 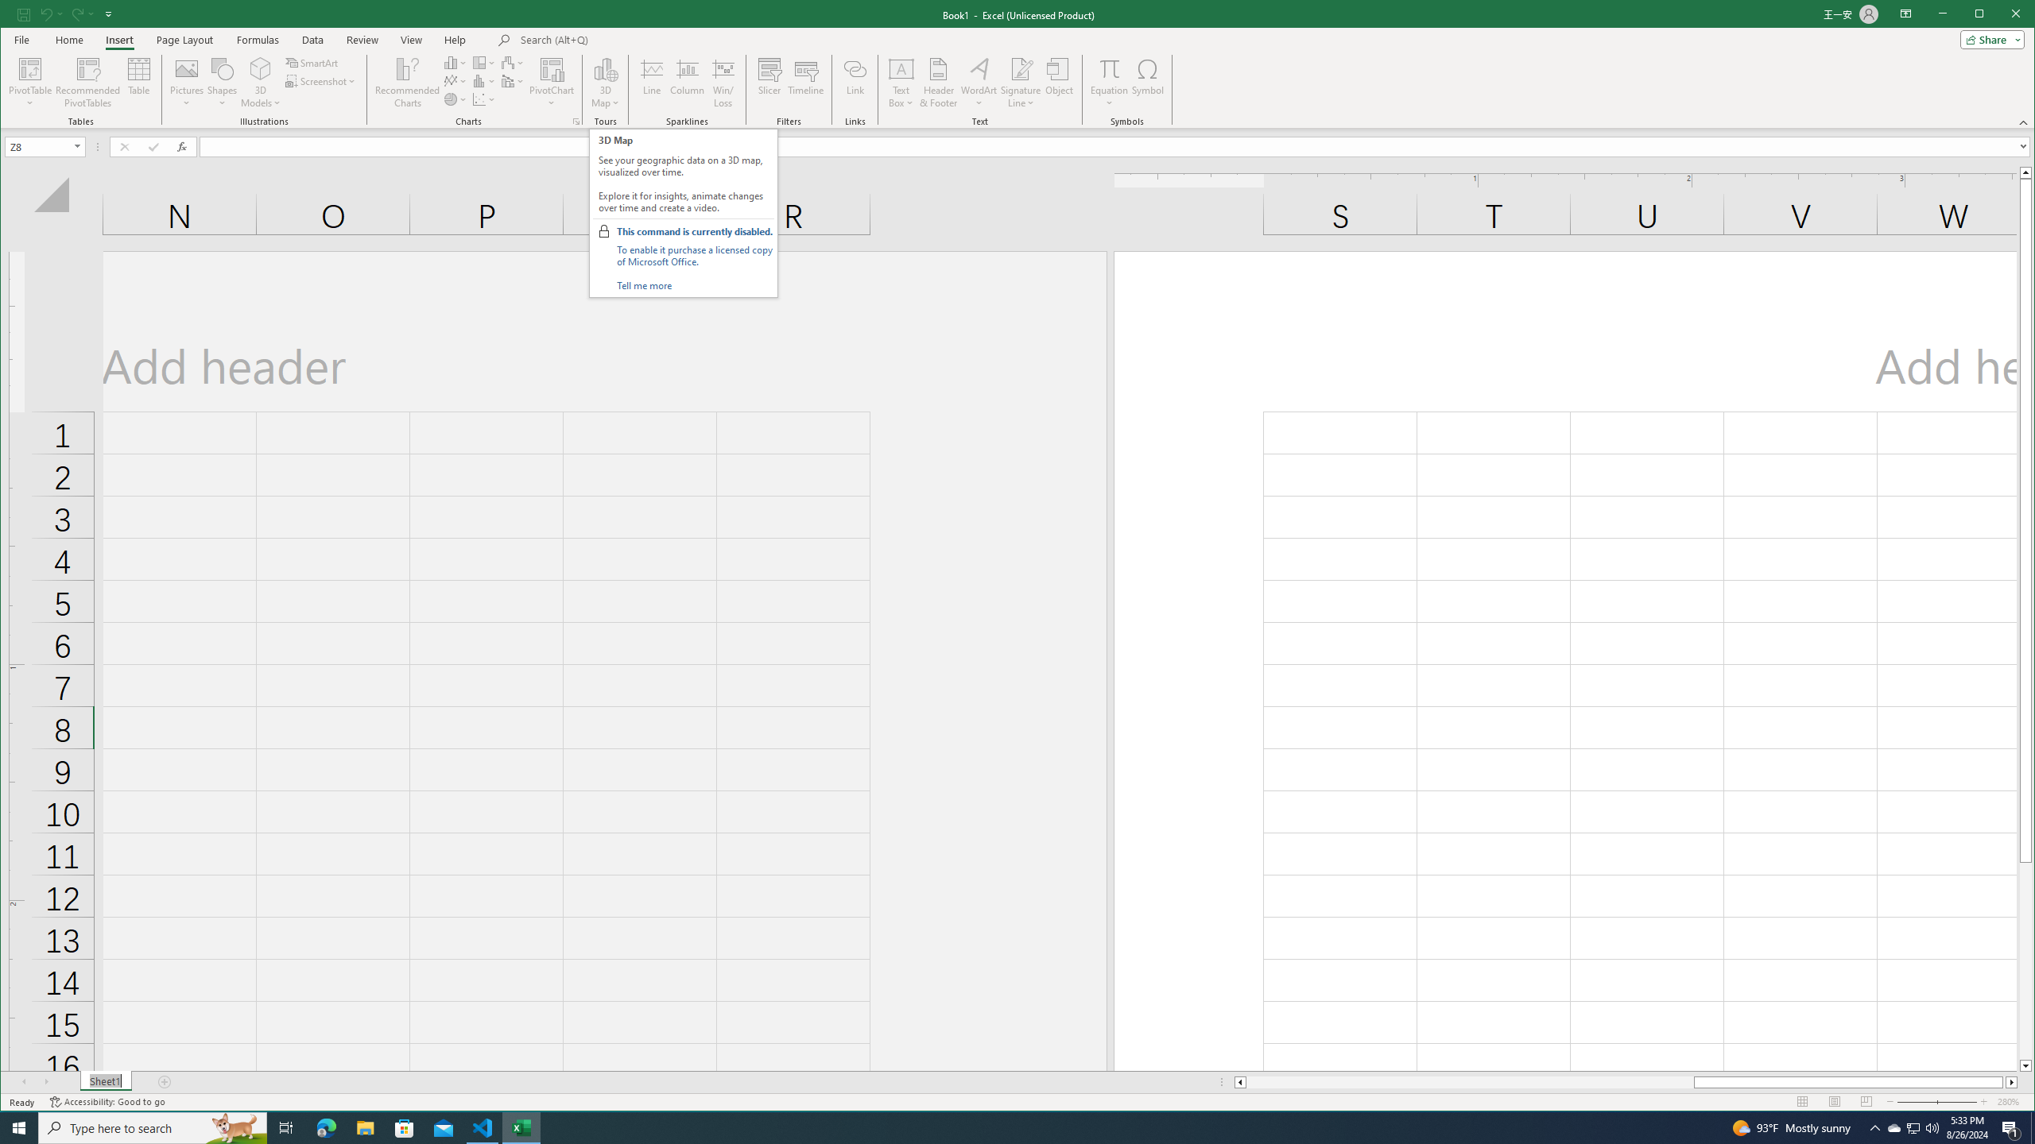 What do you see at coordinates (260, 68) in the screenshot?
I see `'3D Models'` at bounding box center [260, 68].